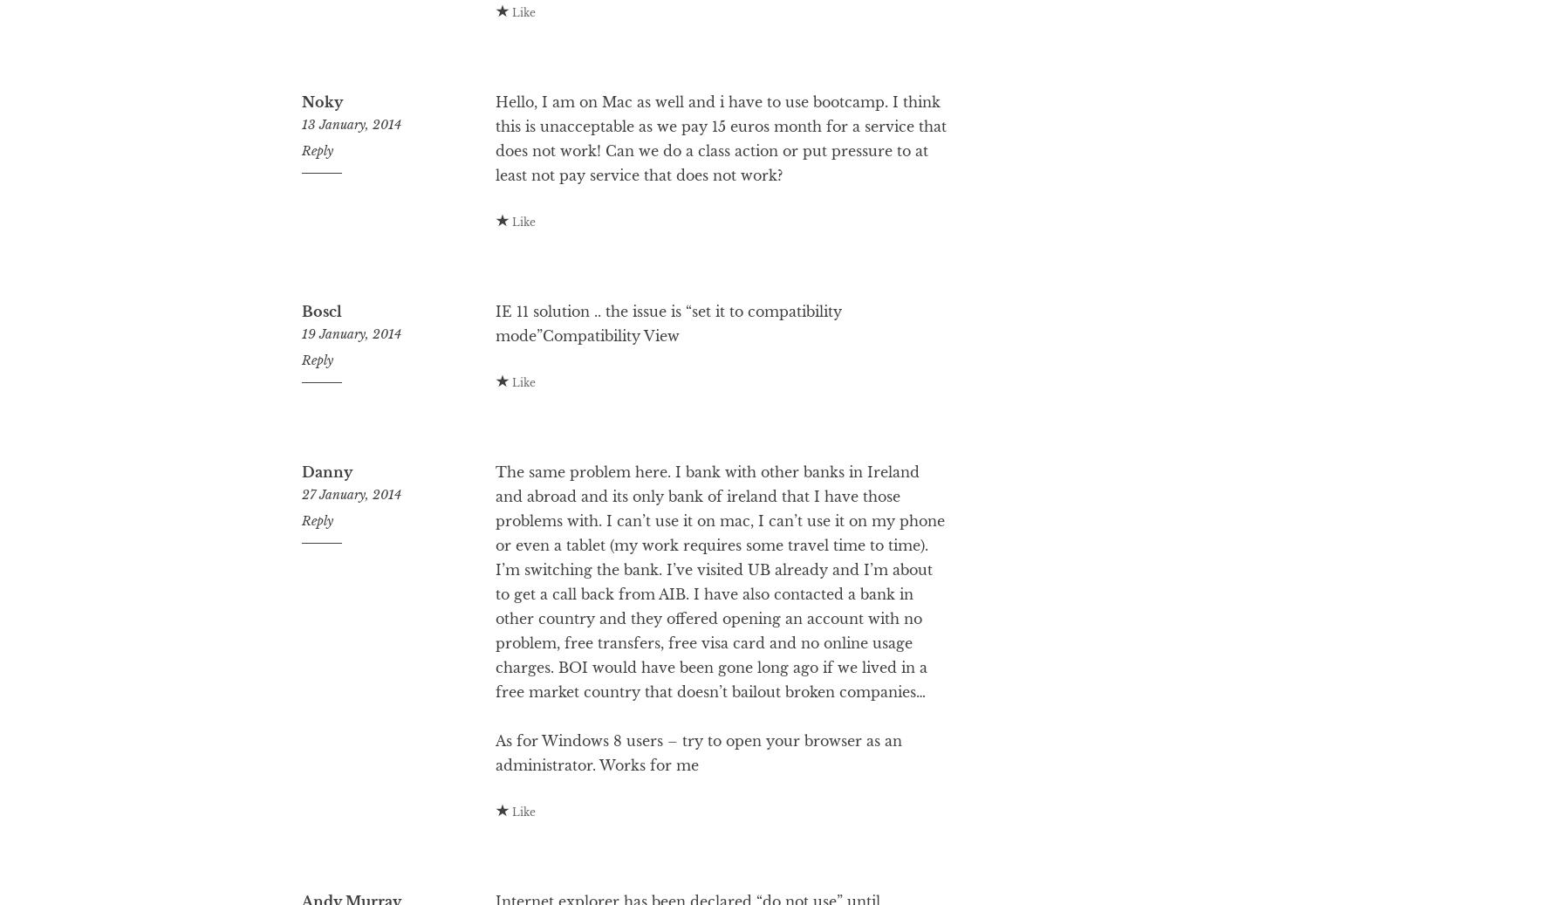 Image resolution: width=1553 pixels, height=905 pixels. I want to click on '19 January, 2014', so click(350, 403).